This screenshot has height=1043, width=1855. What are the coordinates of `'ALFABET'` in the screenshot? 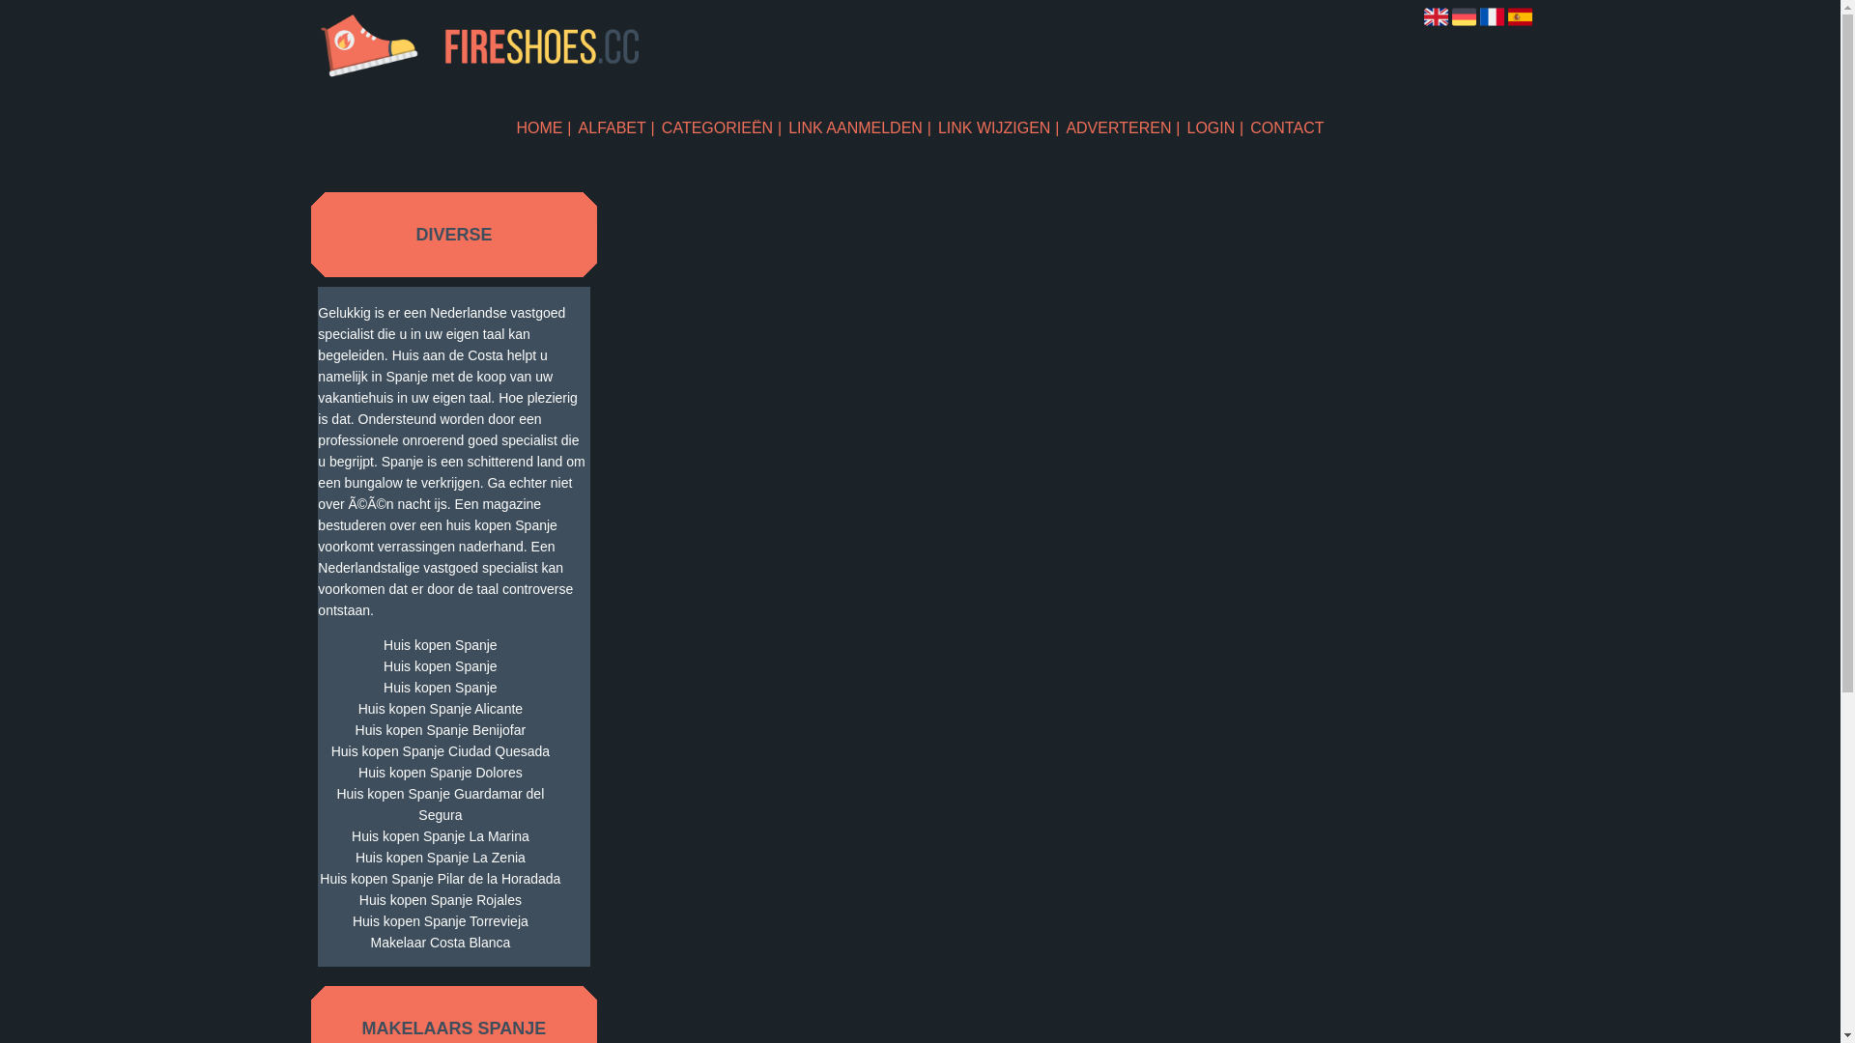 It's located at (578, 127).